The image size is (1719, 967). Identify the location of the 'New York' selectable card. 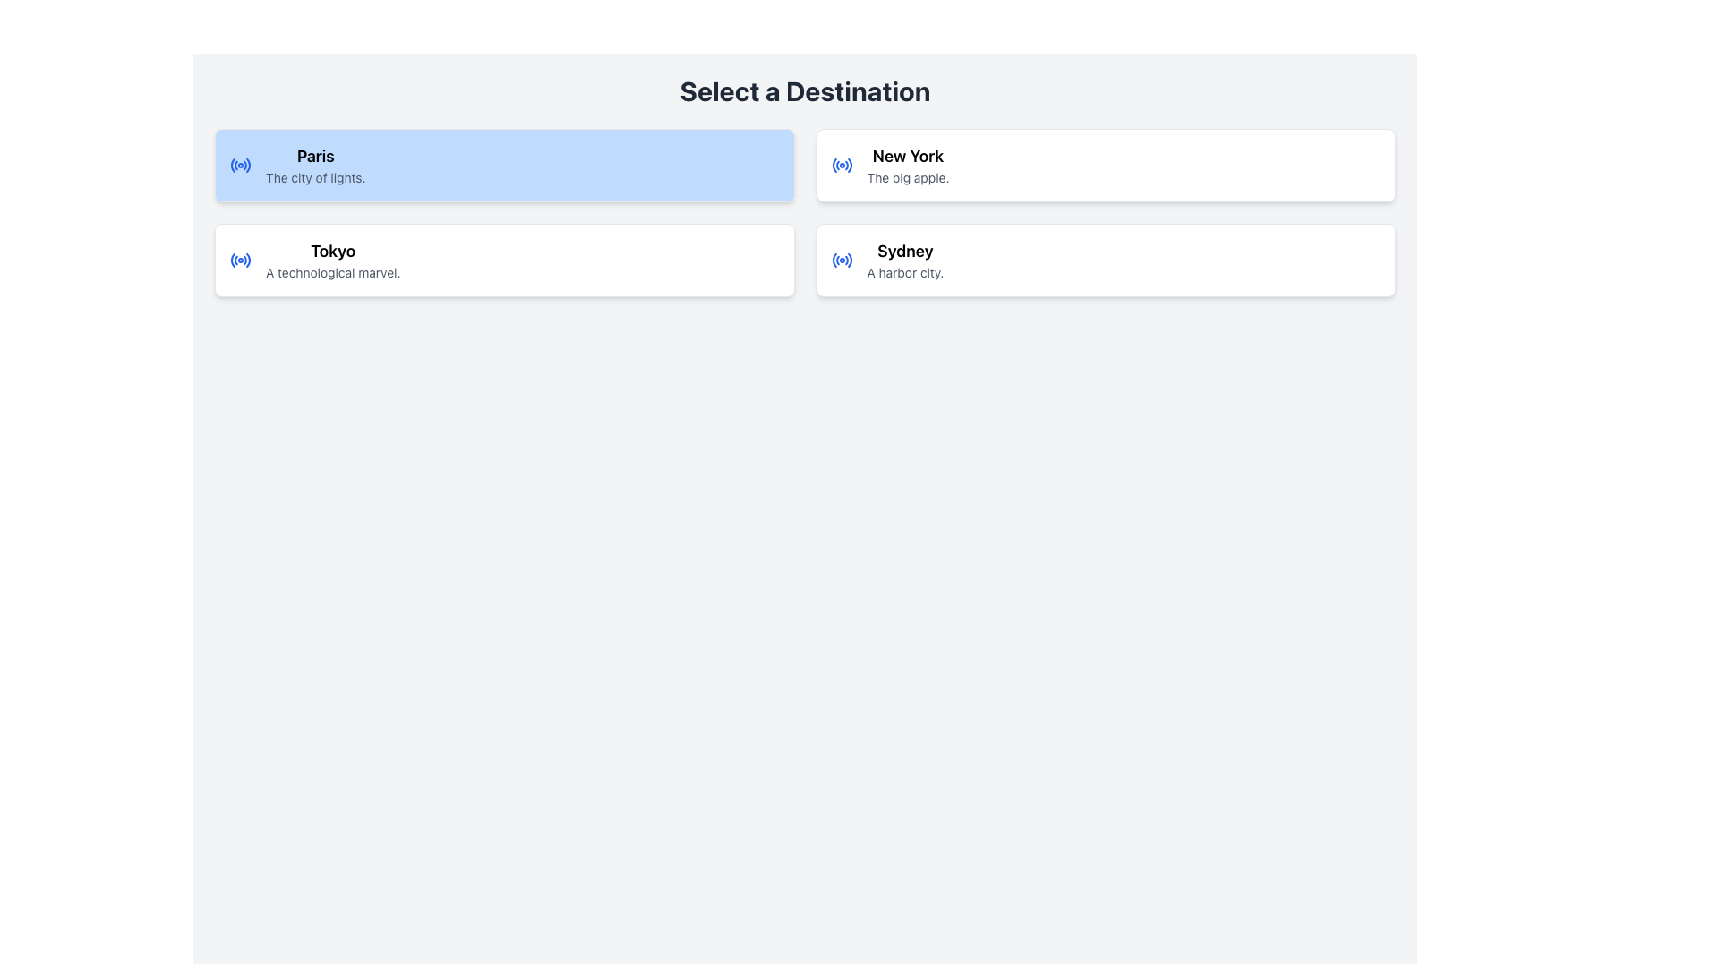
(1105, 166).